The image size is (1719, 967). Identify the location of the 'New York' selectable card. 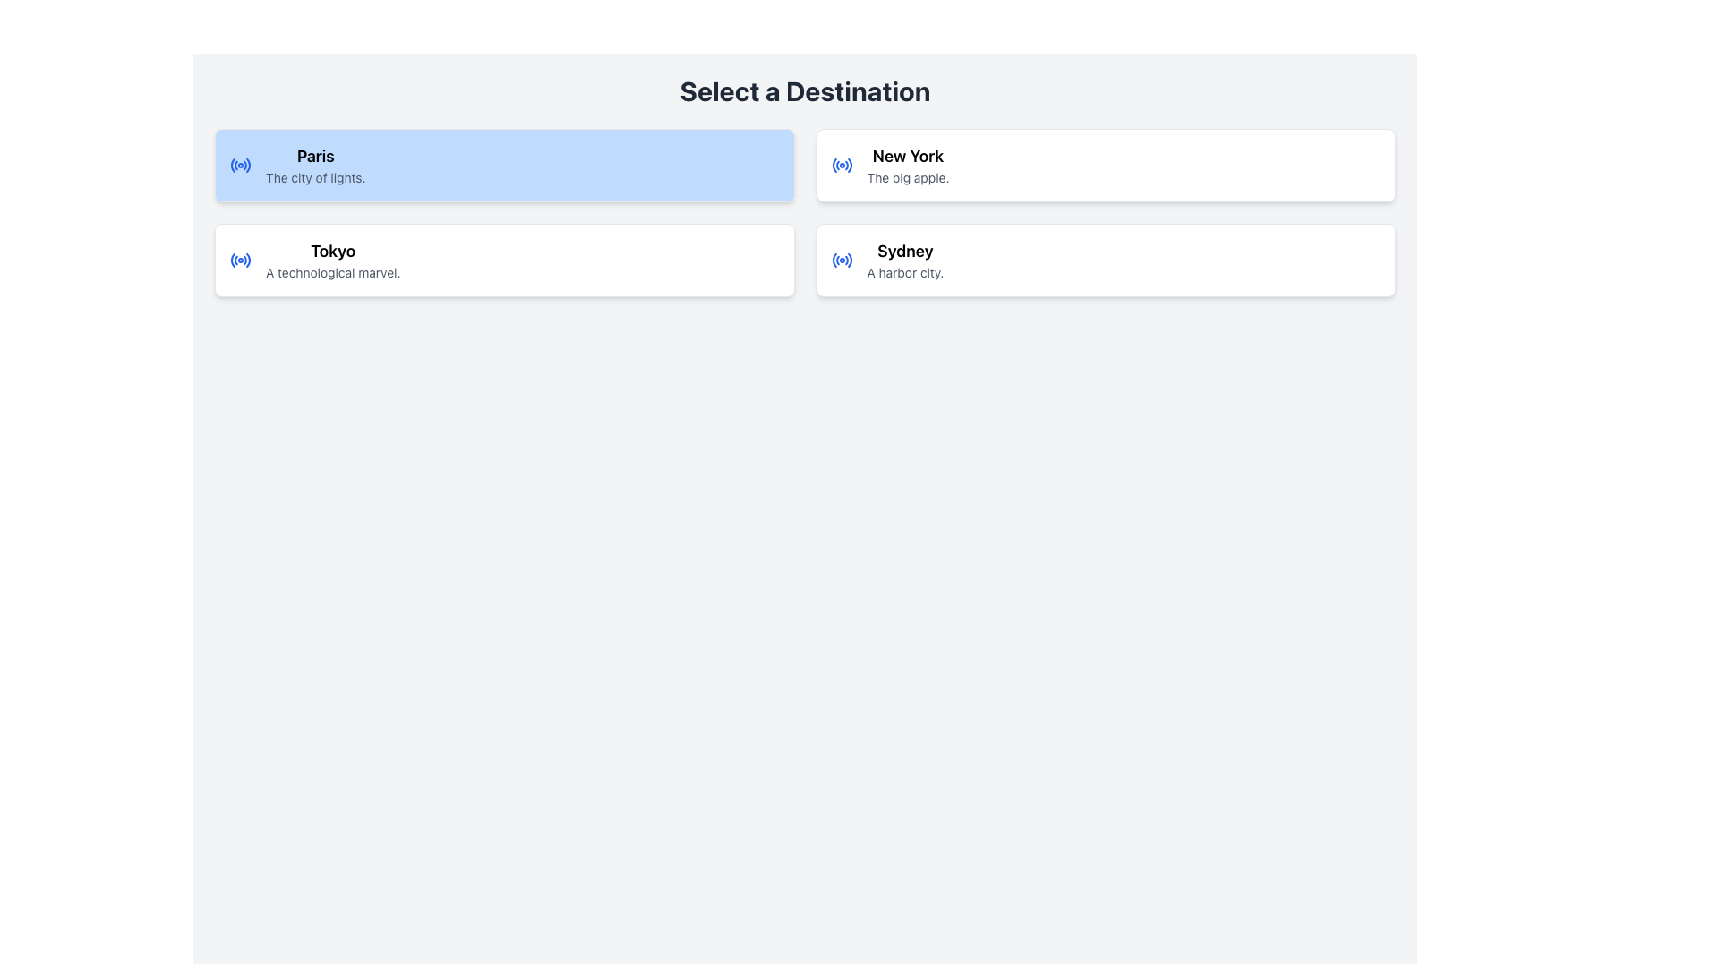
(1105, 166).